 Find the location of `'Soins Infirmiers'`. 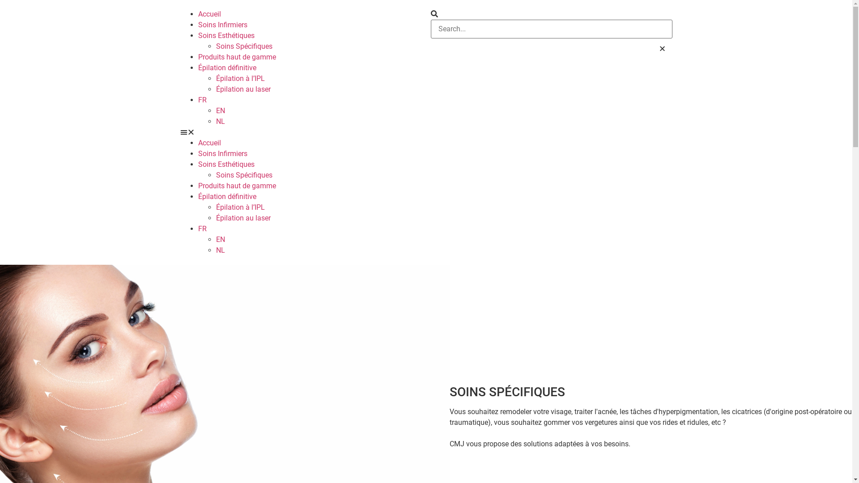

'Soins Infirmiers' is located at coordinates (197, 153).